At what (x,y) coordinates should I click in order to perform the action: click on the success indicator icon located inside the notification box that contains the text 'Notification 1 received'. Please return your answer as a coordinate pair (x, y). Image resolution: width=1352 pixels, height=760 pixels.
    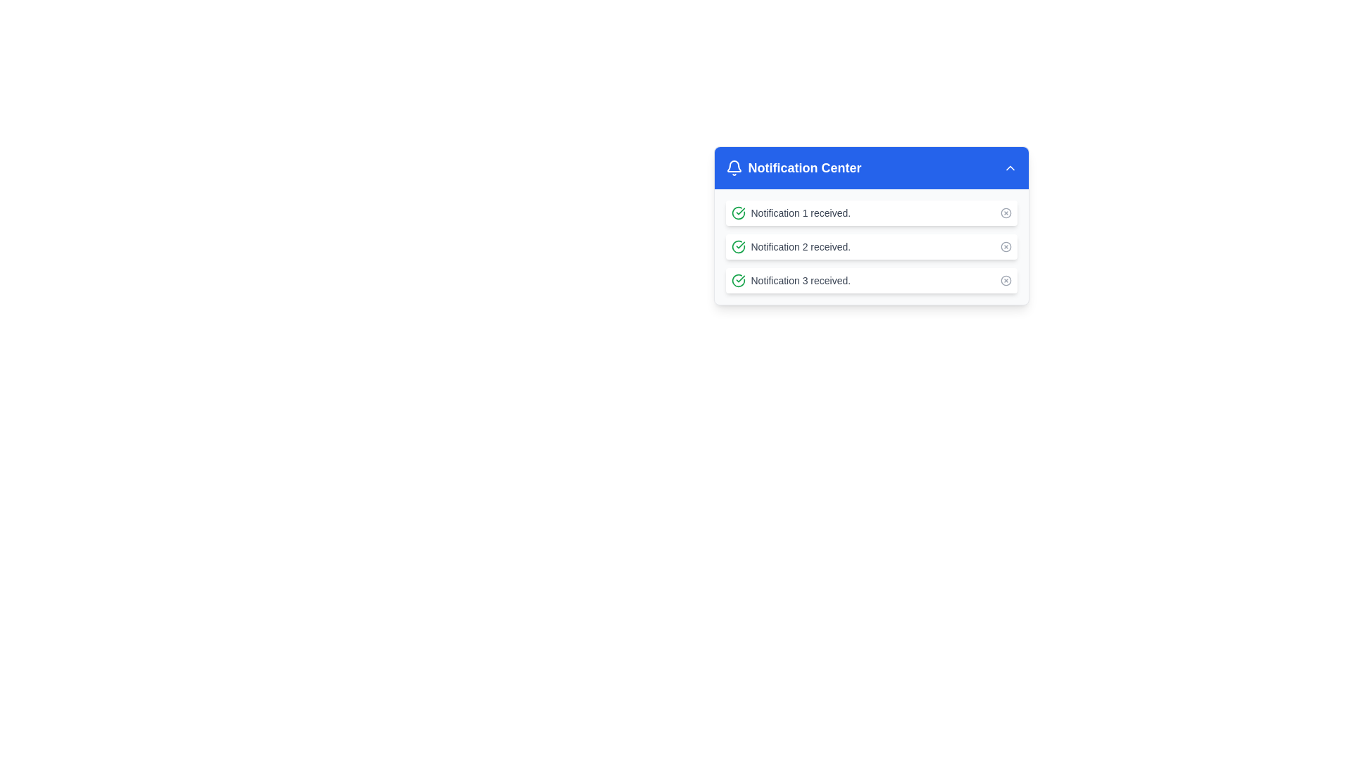
    Looking at the image, I should click on (737, 213).